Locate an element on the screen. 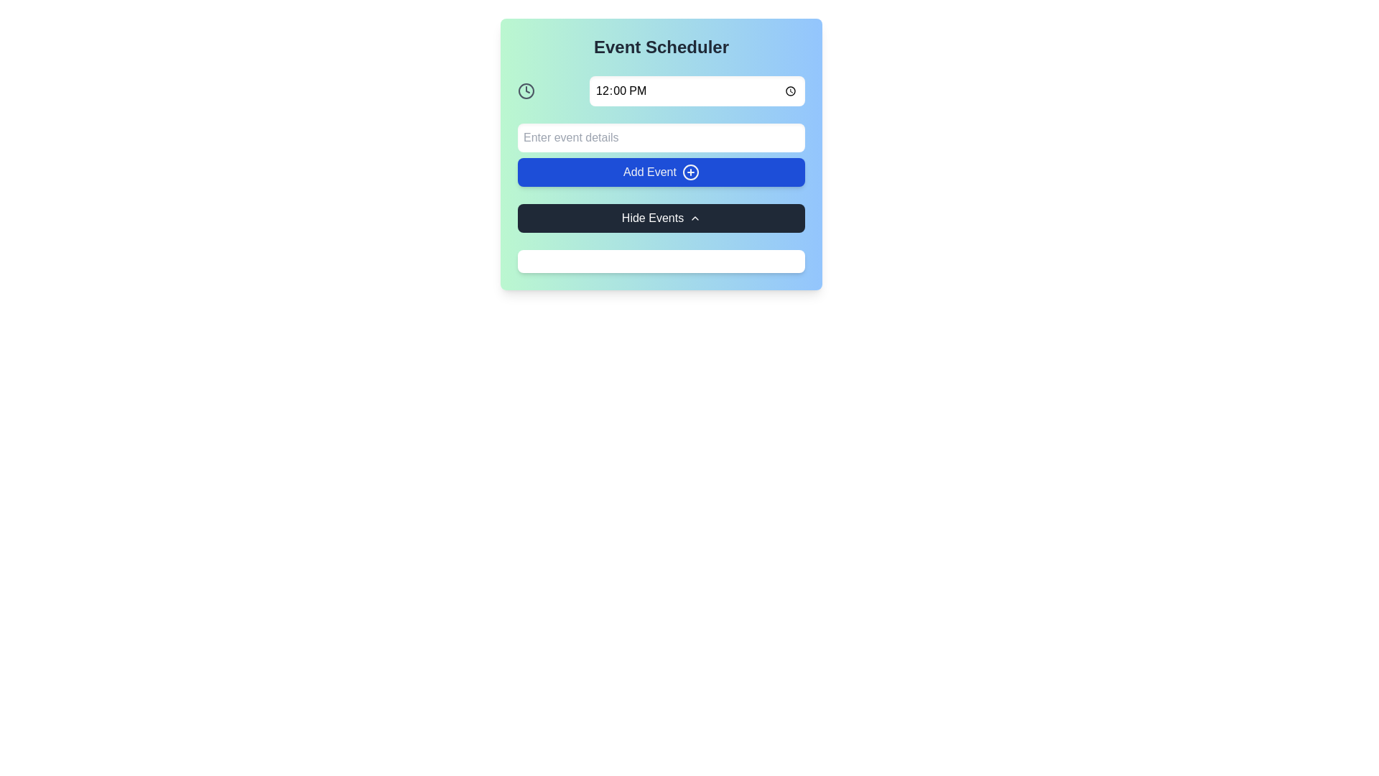  the 'Hide Events' button is located at coordinates (661, 218).